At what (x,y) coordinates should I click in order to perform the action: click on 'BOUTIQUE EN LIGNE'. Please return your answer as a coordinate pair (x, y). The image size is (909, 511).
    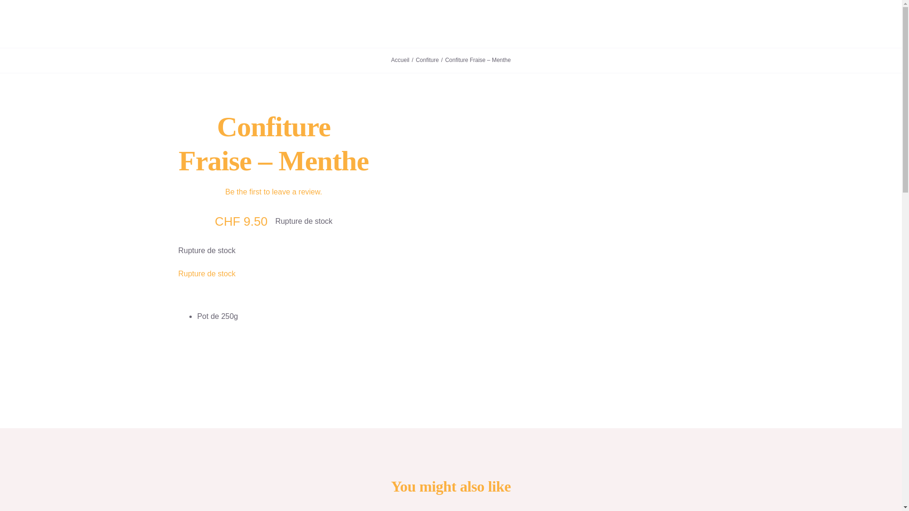
    Looking at the image, I should click on (489, 23).